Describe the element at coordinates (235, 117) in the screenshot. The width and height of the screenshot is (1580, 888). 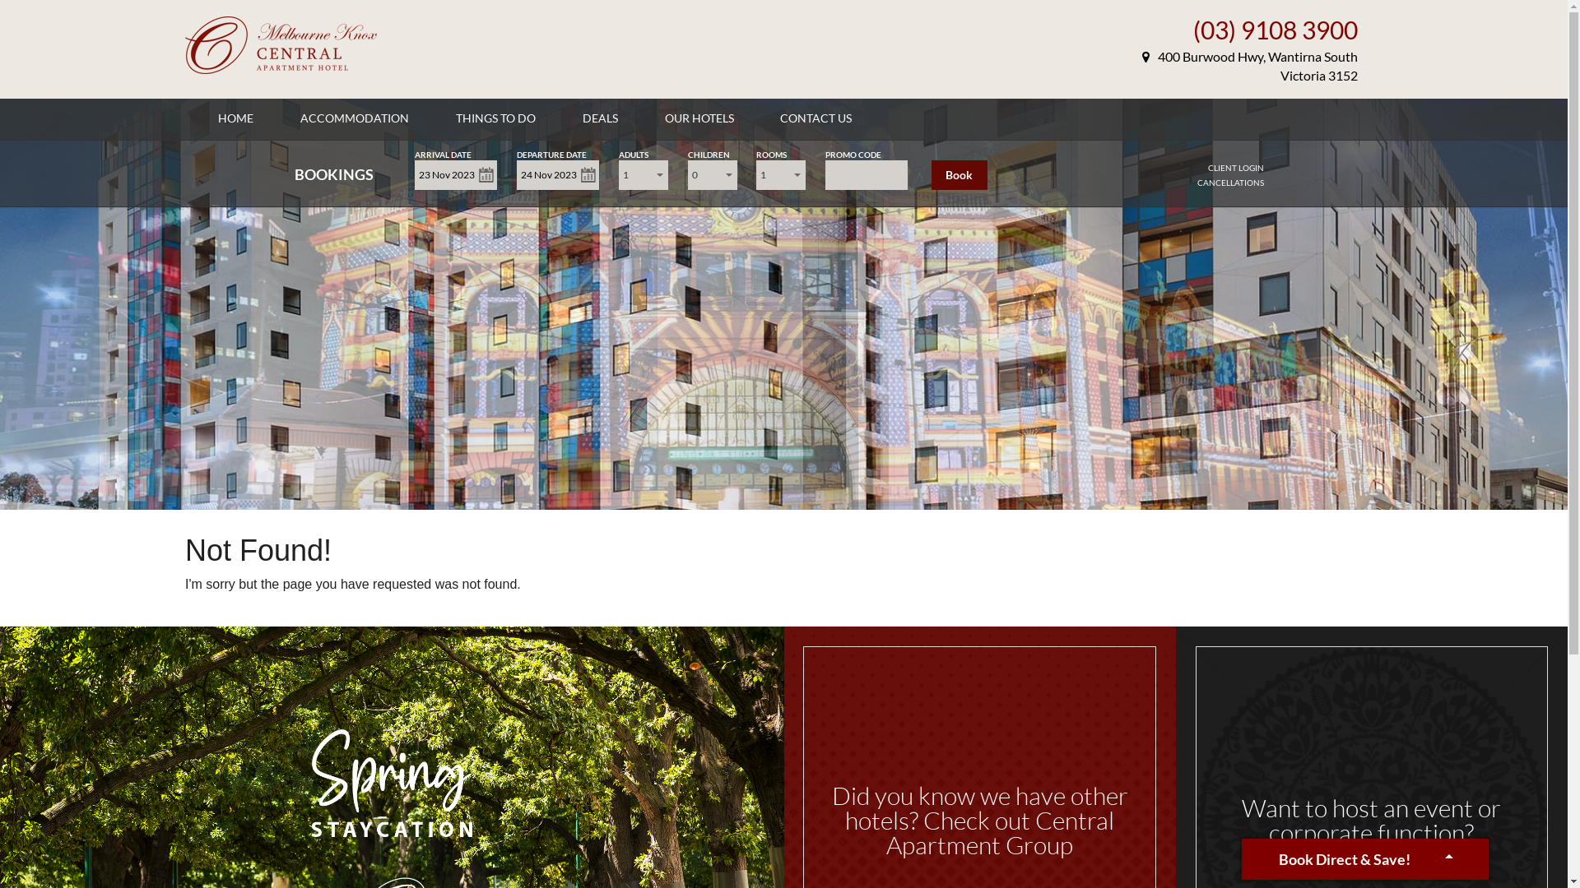
I see `'HOME'` at that location.